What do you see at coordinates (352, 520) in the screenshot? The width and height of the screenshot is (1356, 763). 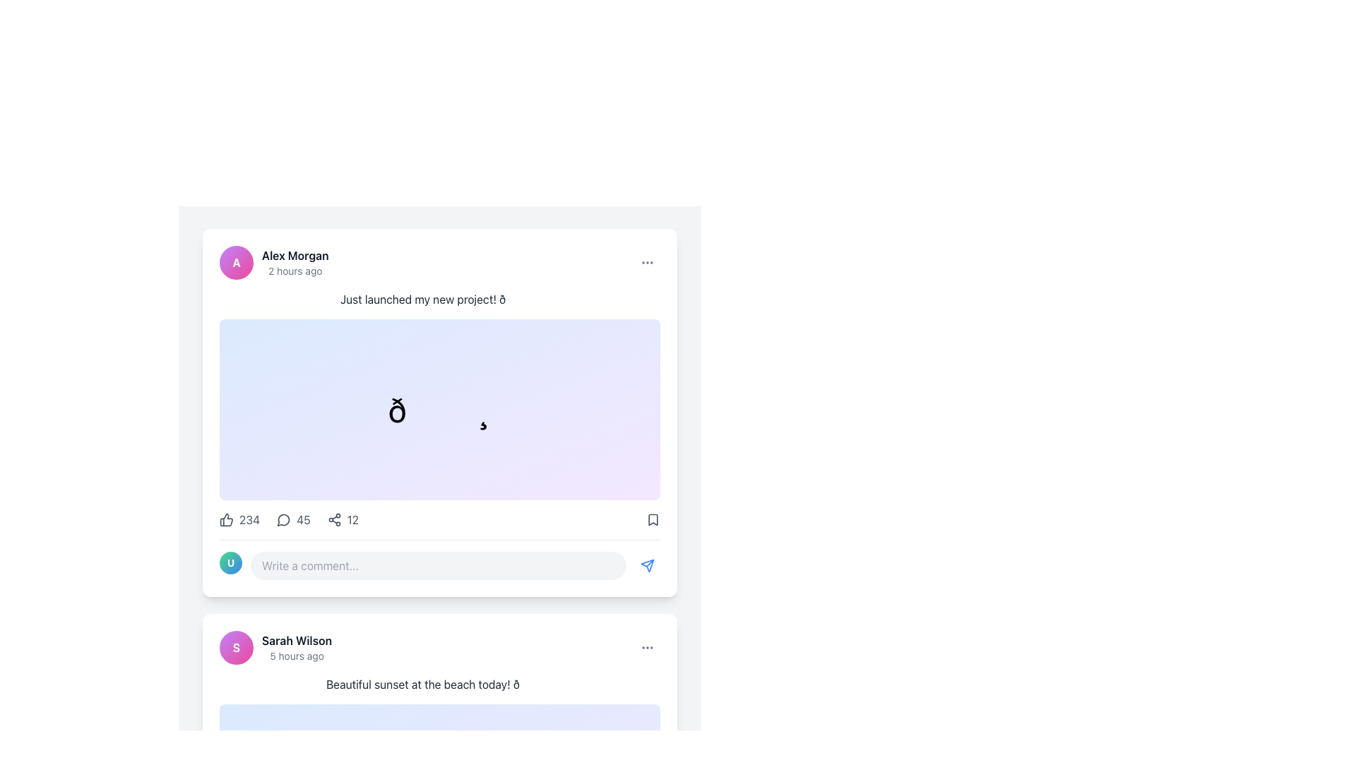 I see `the numerical text label displaying '12', which is styled in gray and located to the right of a sharing icon in the post sharing interface` at bounding box center [352, 520].